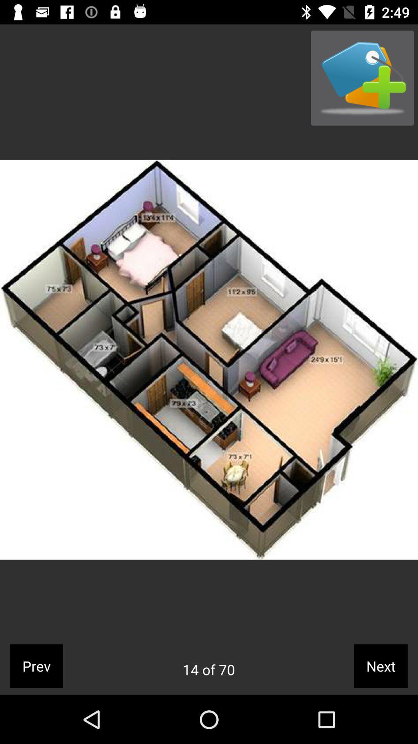 This screenshot has width=418, height=744. Describe the element at coordinates (36, 665) in the screenshot. I see `icon at the bottom left corner` at that location.